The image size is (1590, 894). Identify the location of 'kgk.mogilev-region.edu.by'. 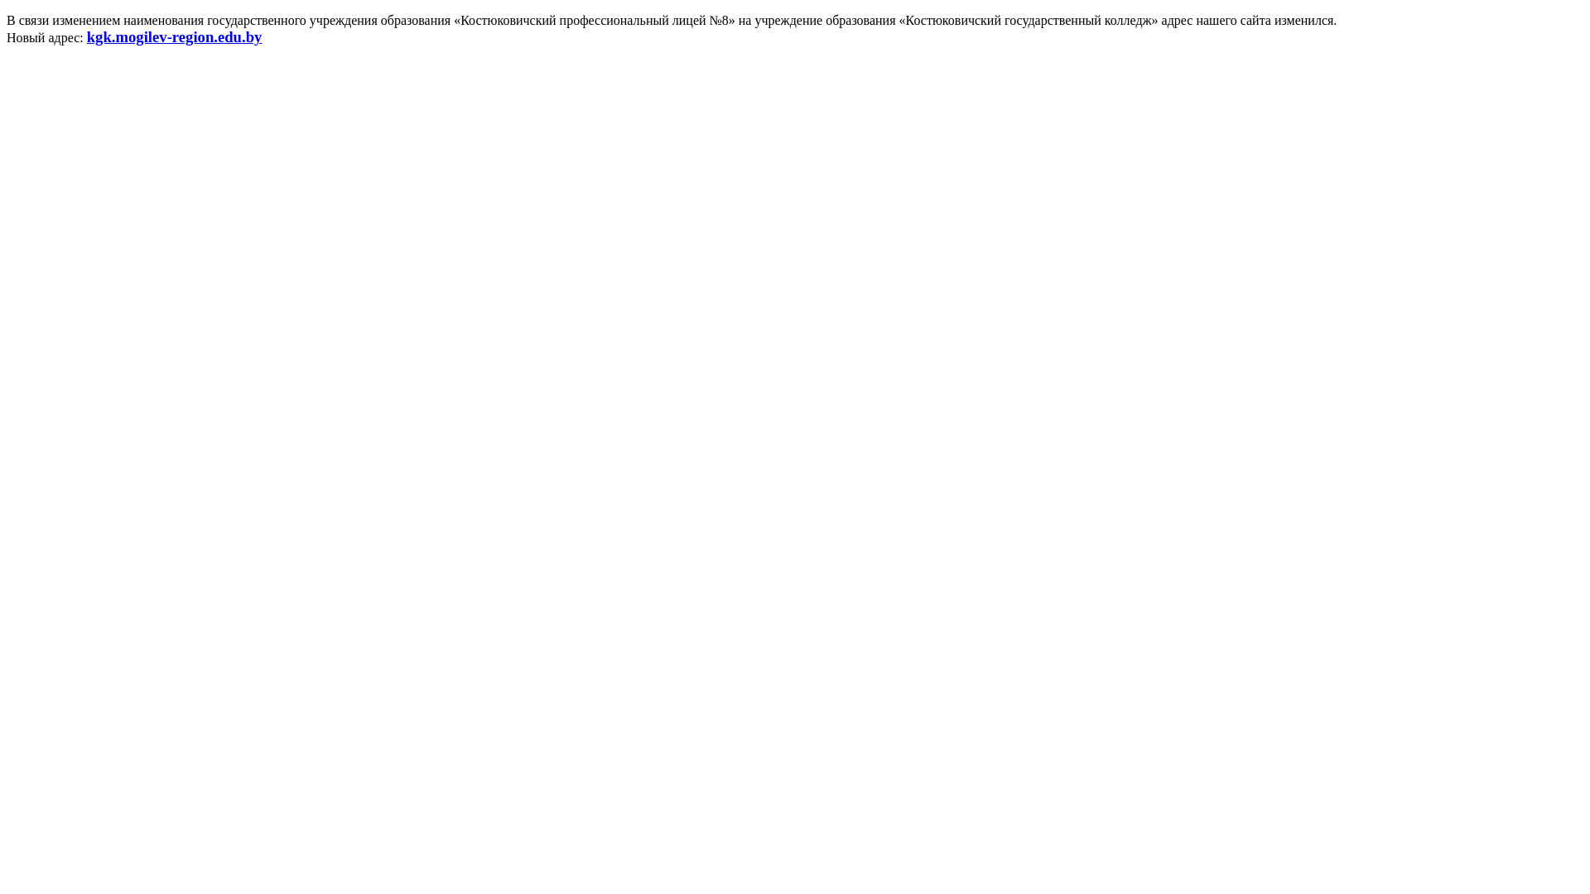
(175, 37).